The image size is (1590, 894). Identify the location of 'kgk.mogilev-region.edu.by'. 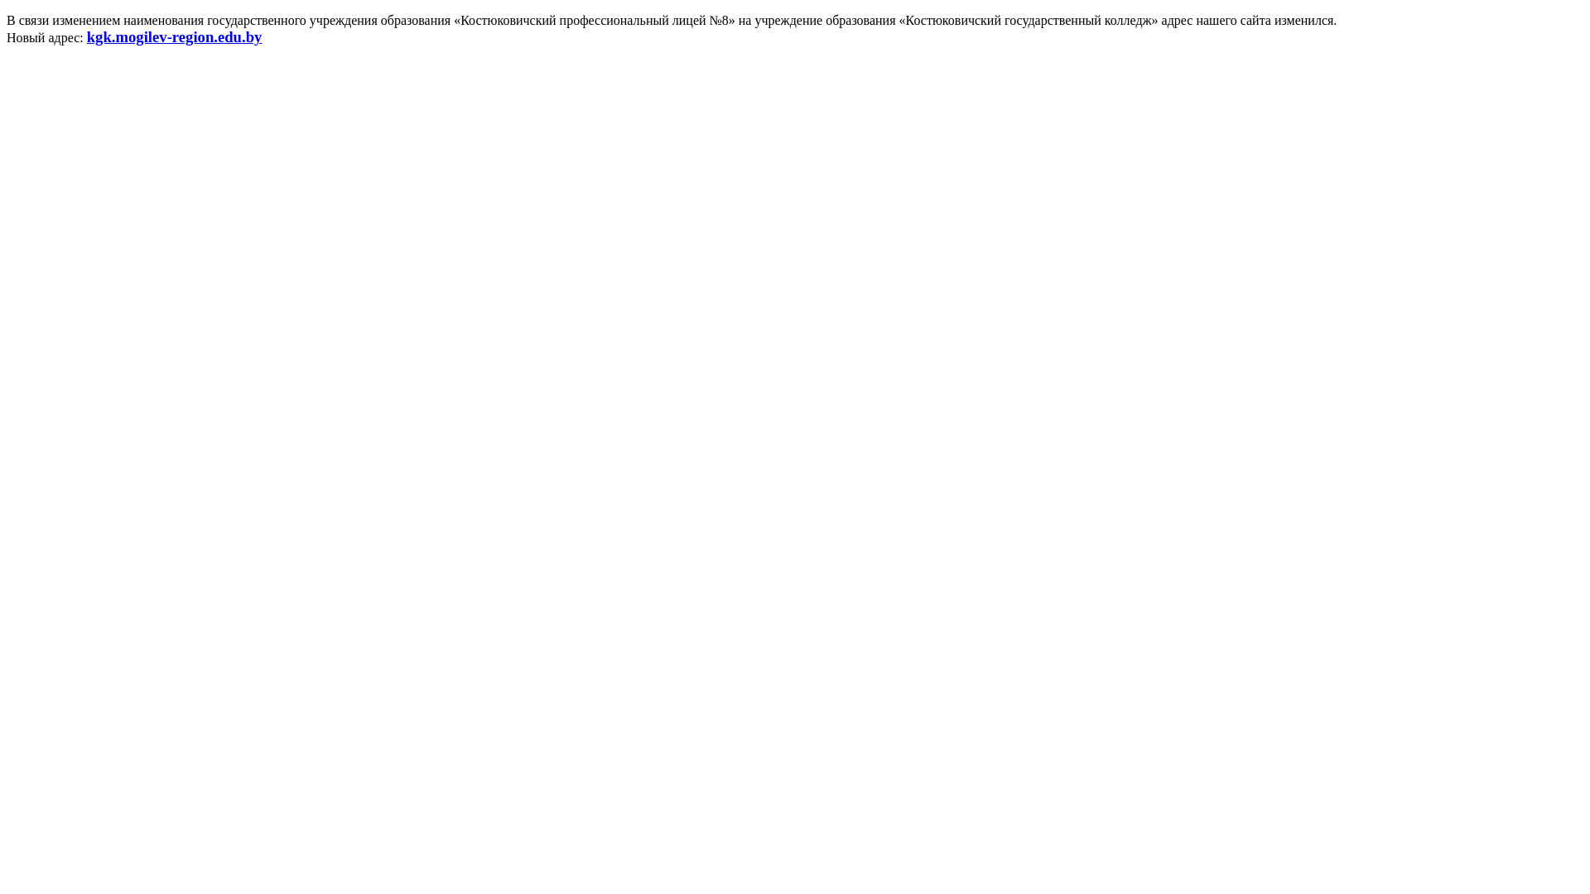
(175, 37).